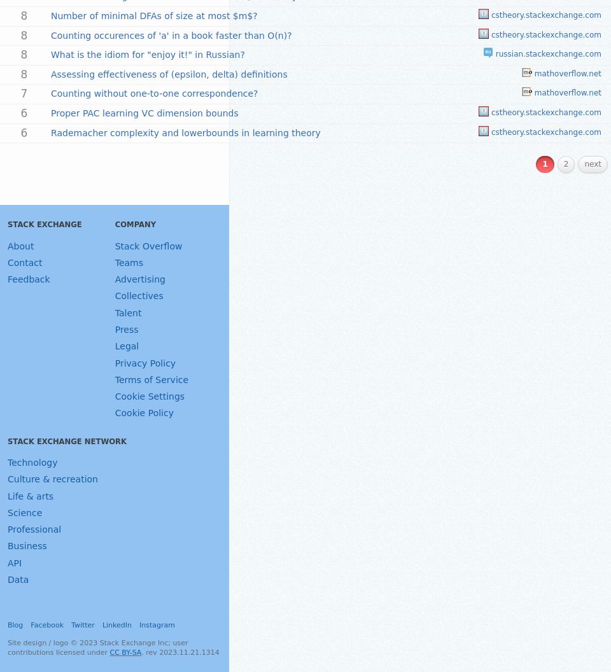 The height and width of the screenshot is (672, 611). I want to click on 'Cookie Settings', so click(150, 396).